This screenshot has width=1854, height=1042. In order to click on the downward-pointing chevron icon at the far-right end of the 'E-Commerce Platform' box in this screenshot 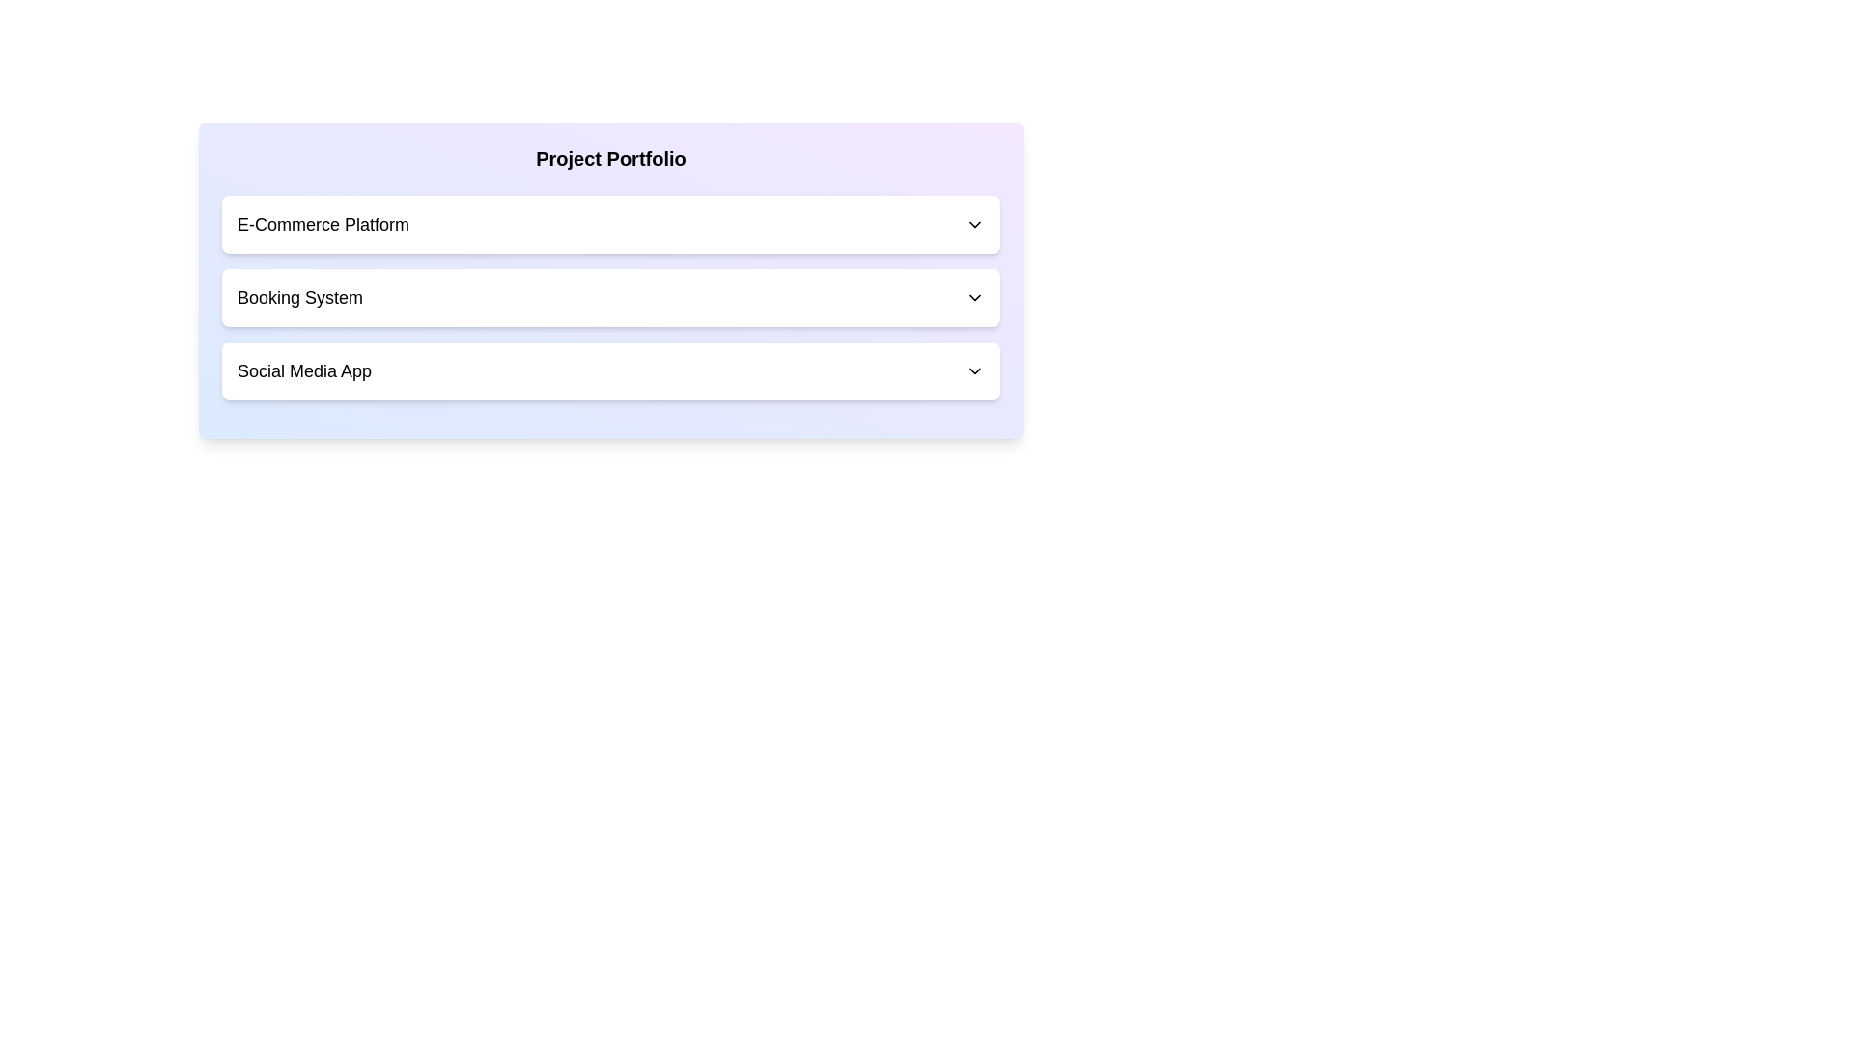, I will do `click(974, 223)`.